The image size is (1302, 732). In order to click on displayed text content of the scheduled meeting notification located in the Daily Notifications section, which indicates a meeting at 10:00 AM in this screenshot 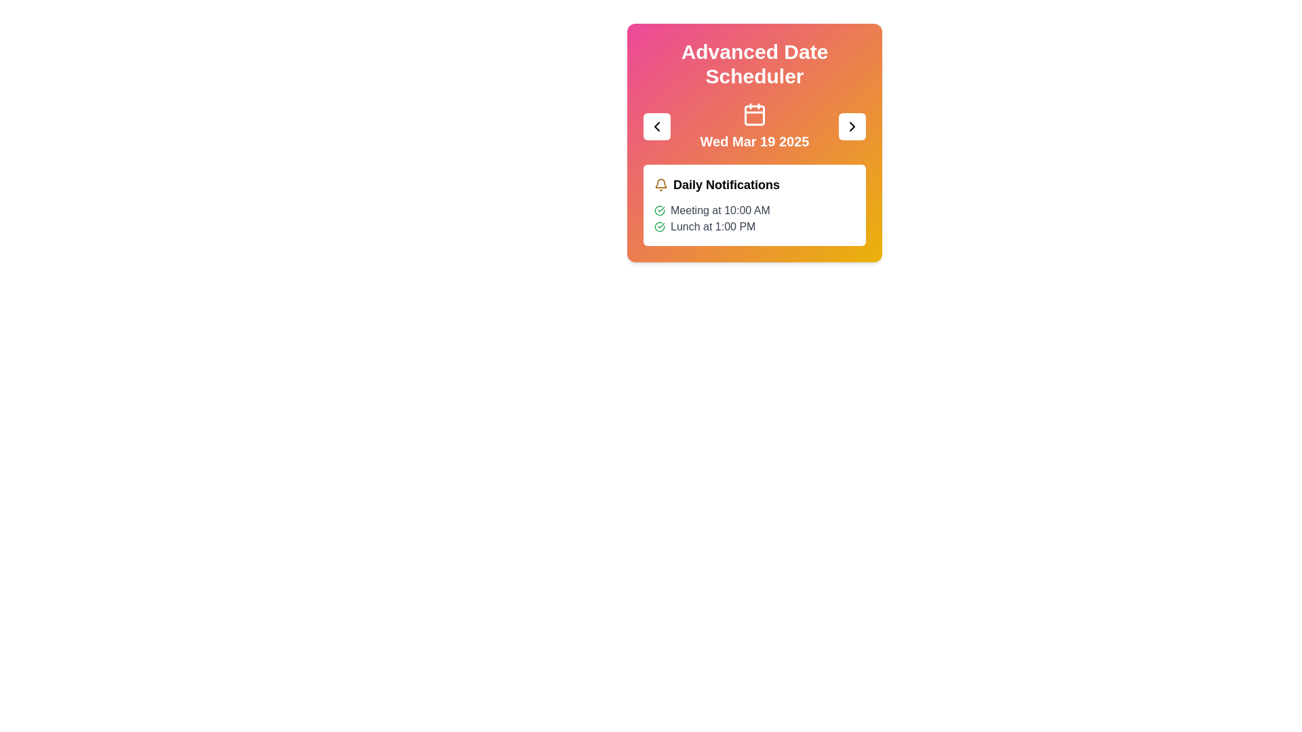, I will do `click(754, 211)`.